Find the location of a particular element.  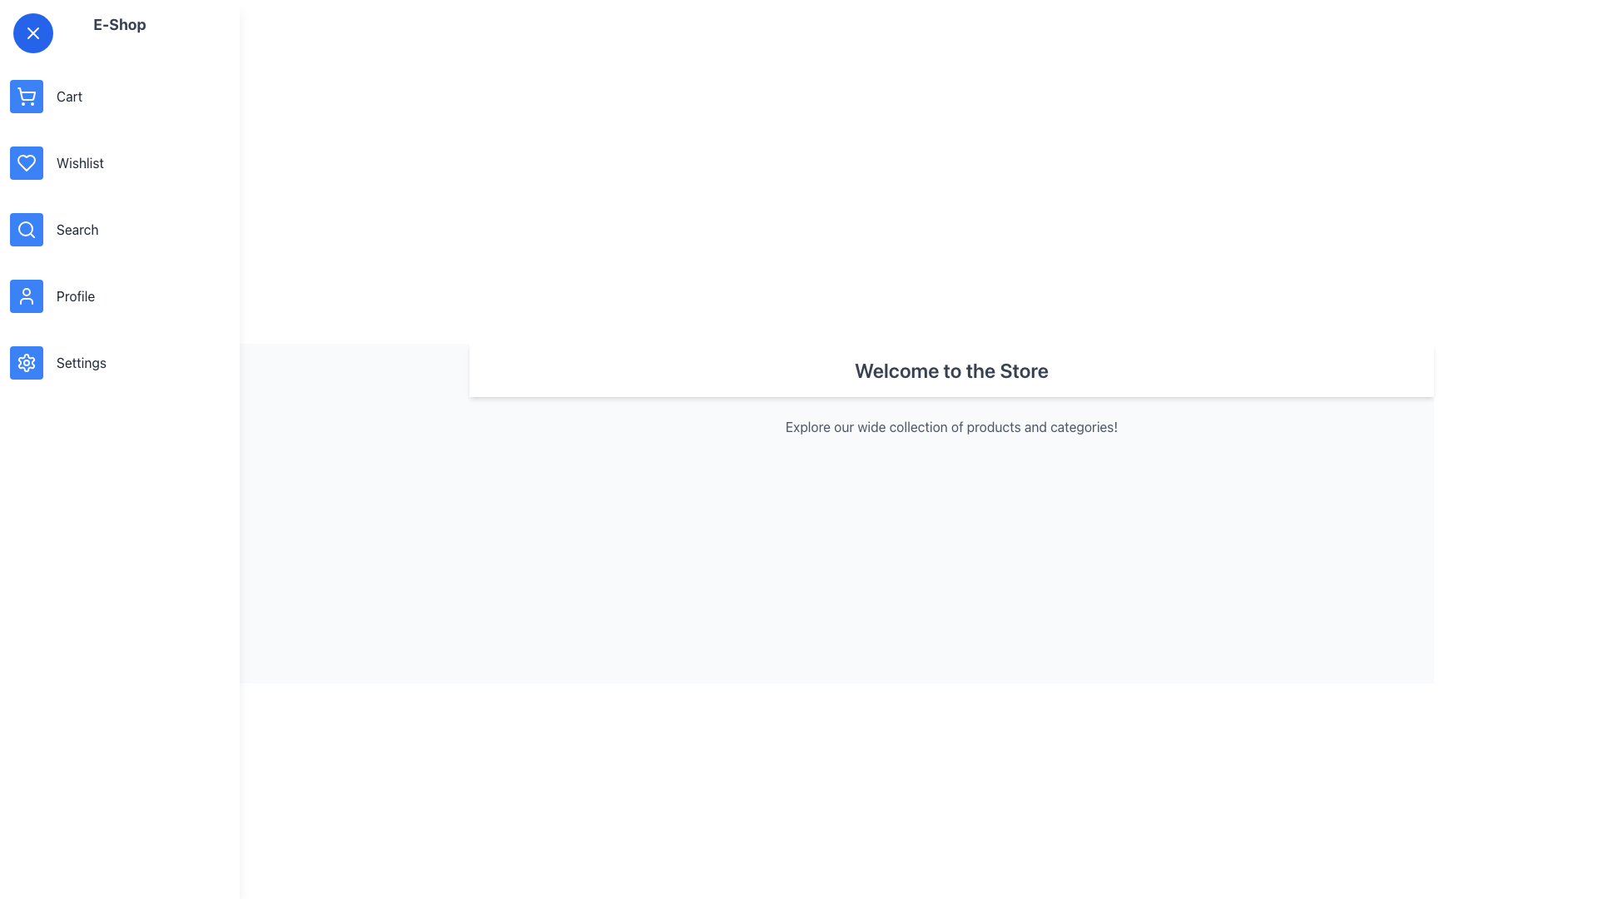

the user icon in the sidebar navigation, which is styled with a minimal rounded outline and a blue circular background is located at coordinates (27, 295).